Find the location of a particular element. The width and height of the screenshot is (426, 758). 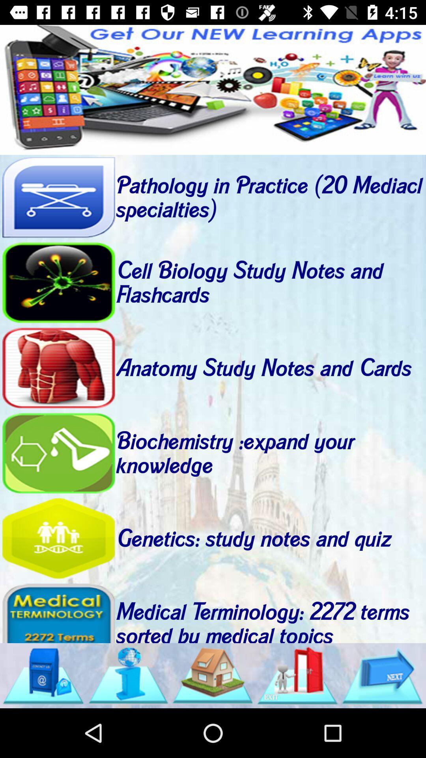

come back is located at coordinates (58, 453).